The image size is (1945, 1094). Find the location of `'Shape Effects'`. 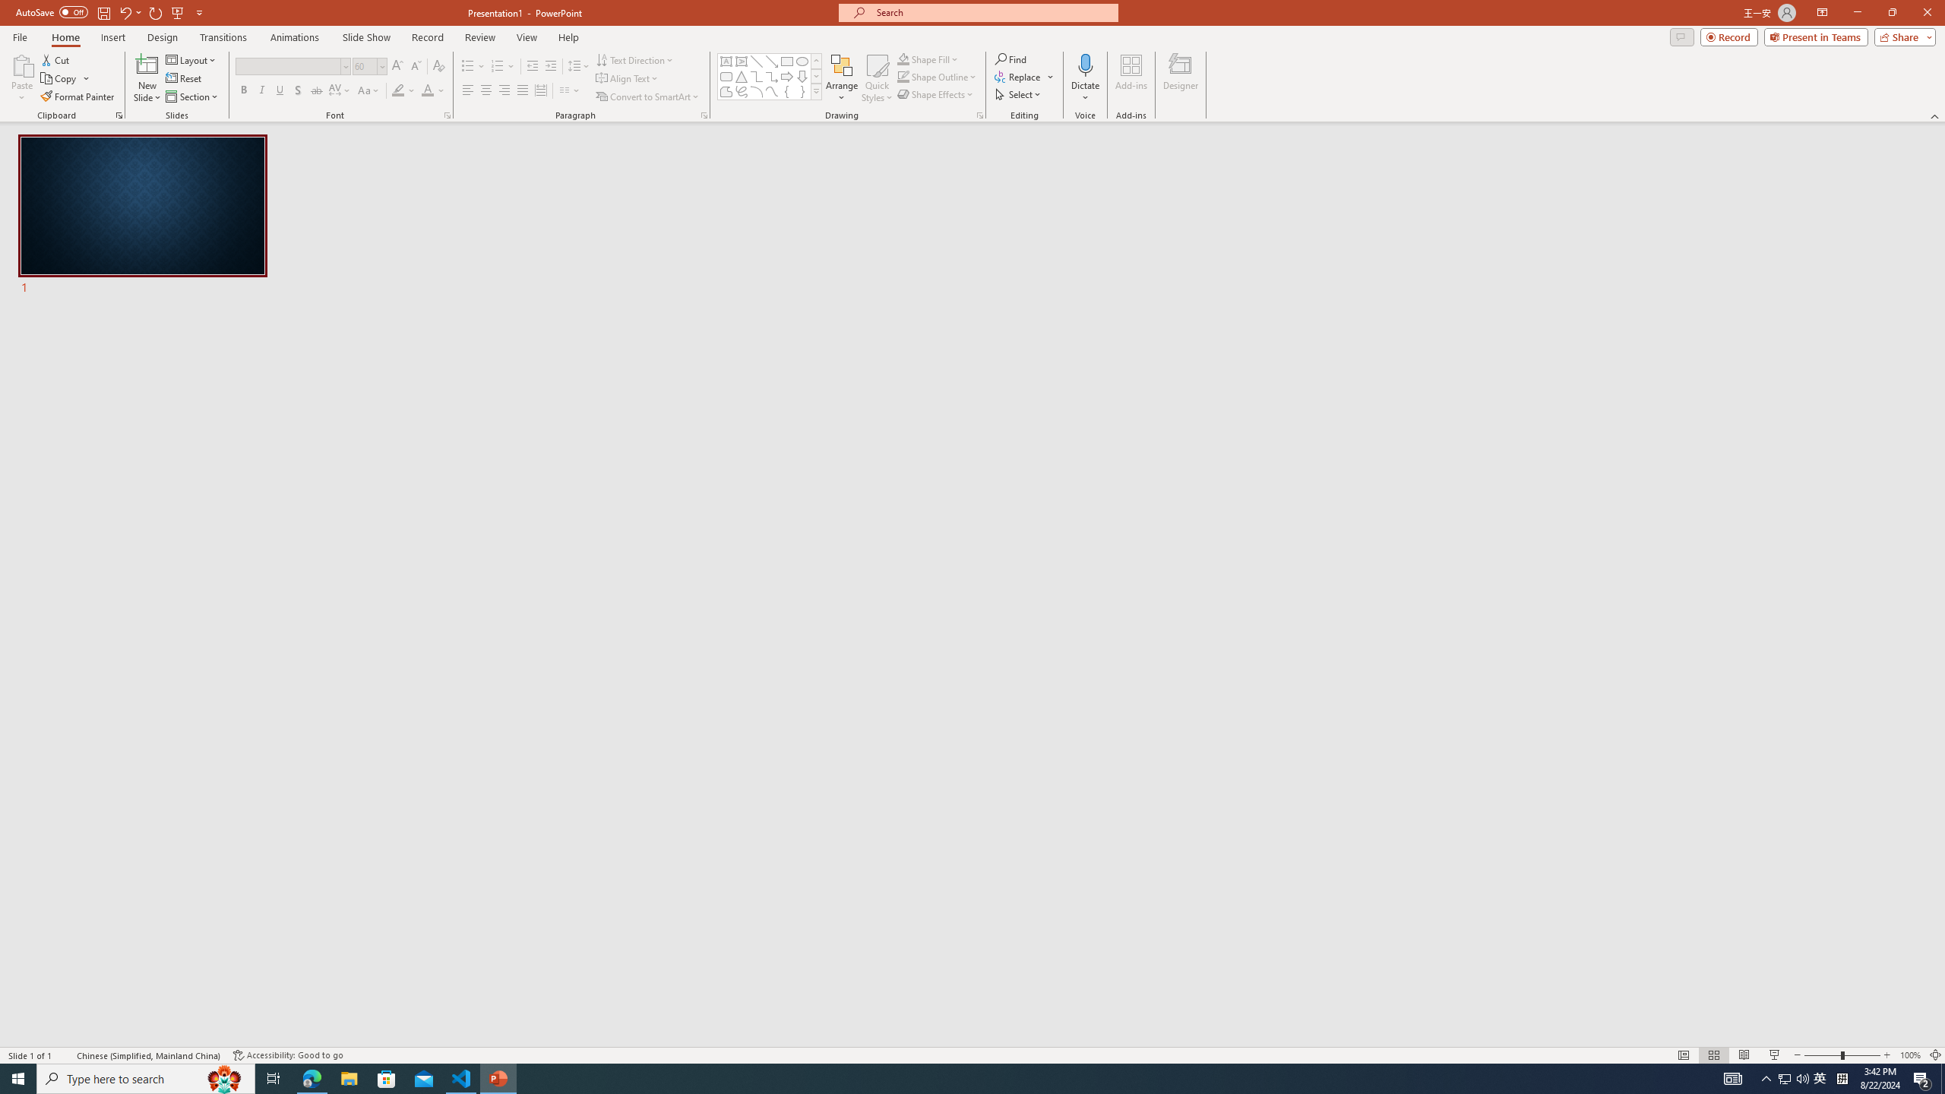

'Shape Effects' is located at coordinates (935, 93).